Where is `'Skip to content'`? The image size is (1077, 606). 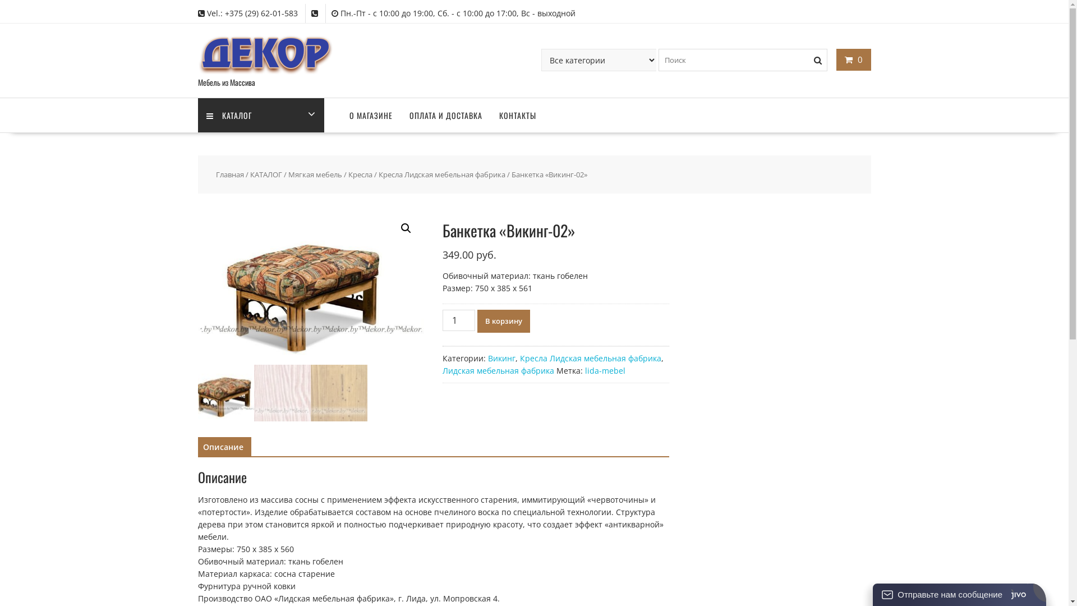 'Skip to content' is located at coordinates (0, 0).